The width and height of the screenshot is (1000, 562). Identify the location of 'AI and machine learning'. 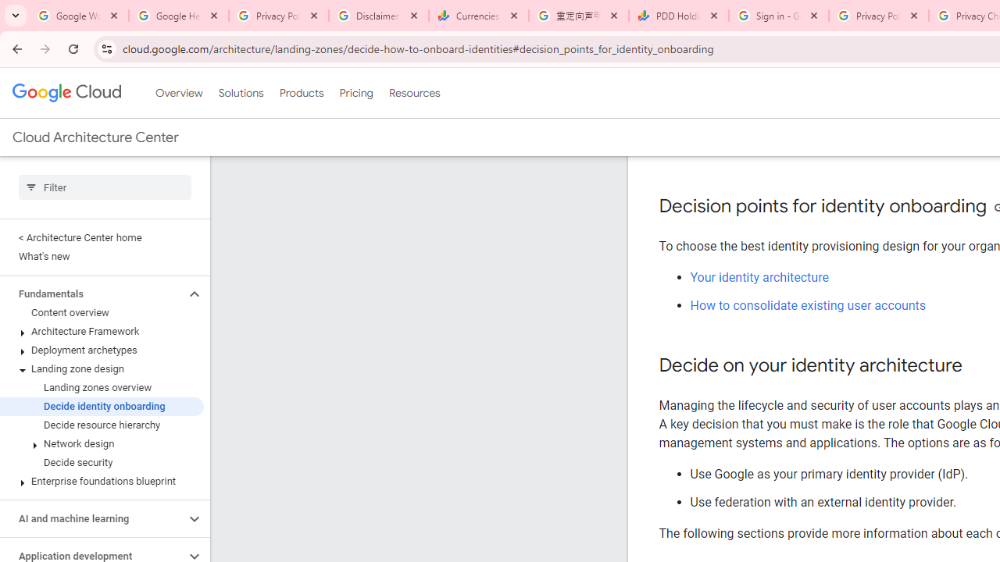
(91, 518).